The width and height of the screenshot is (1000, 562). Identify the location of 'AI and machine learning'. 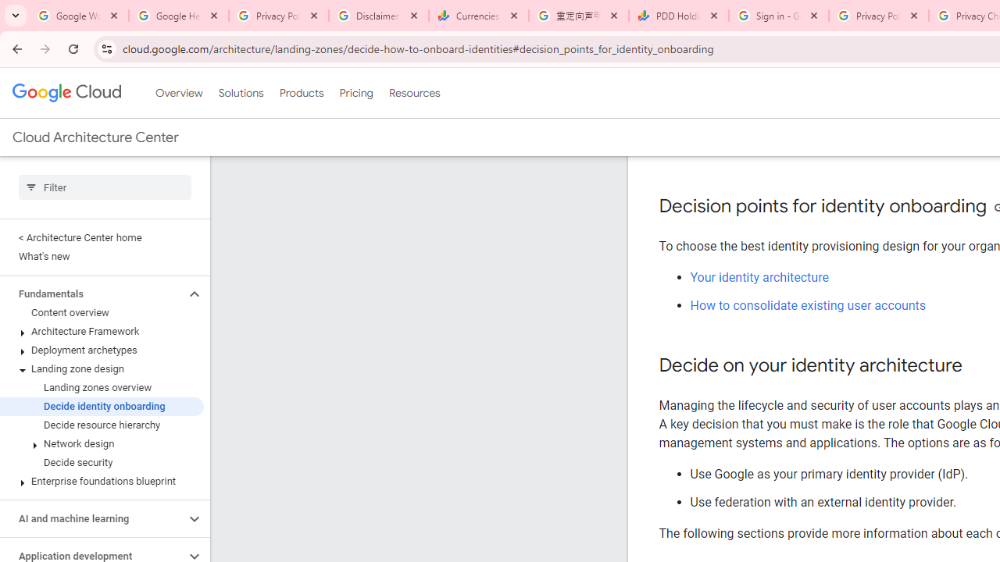
(91, 518).